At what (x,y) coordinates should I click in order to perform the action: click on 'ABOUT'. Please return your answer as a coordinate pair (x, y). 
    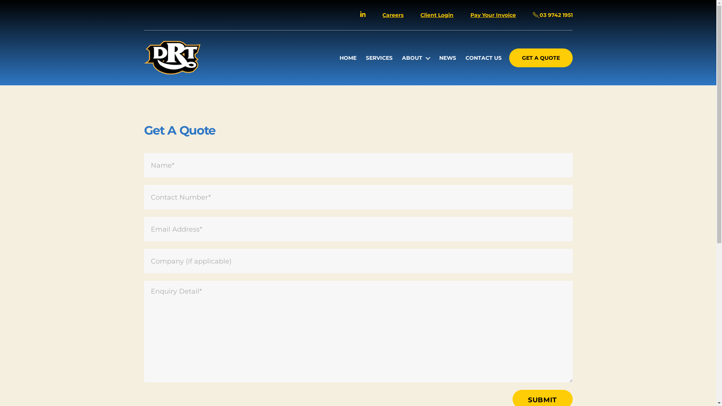
    Looking at the image, I should click on (415, 58).